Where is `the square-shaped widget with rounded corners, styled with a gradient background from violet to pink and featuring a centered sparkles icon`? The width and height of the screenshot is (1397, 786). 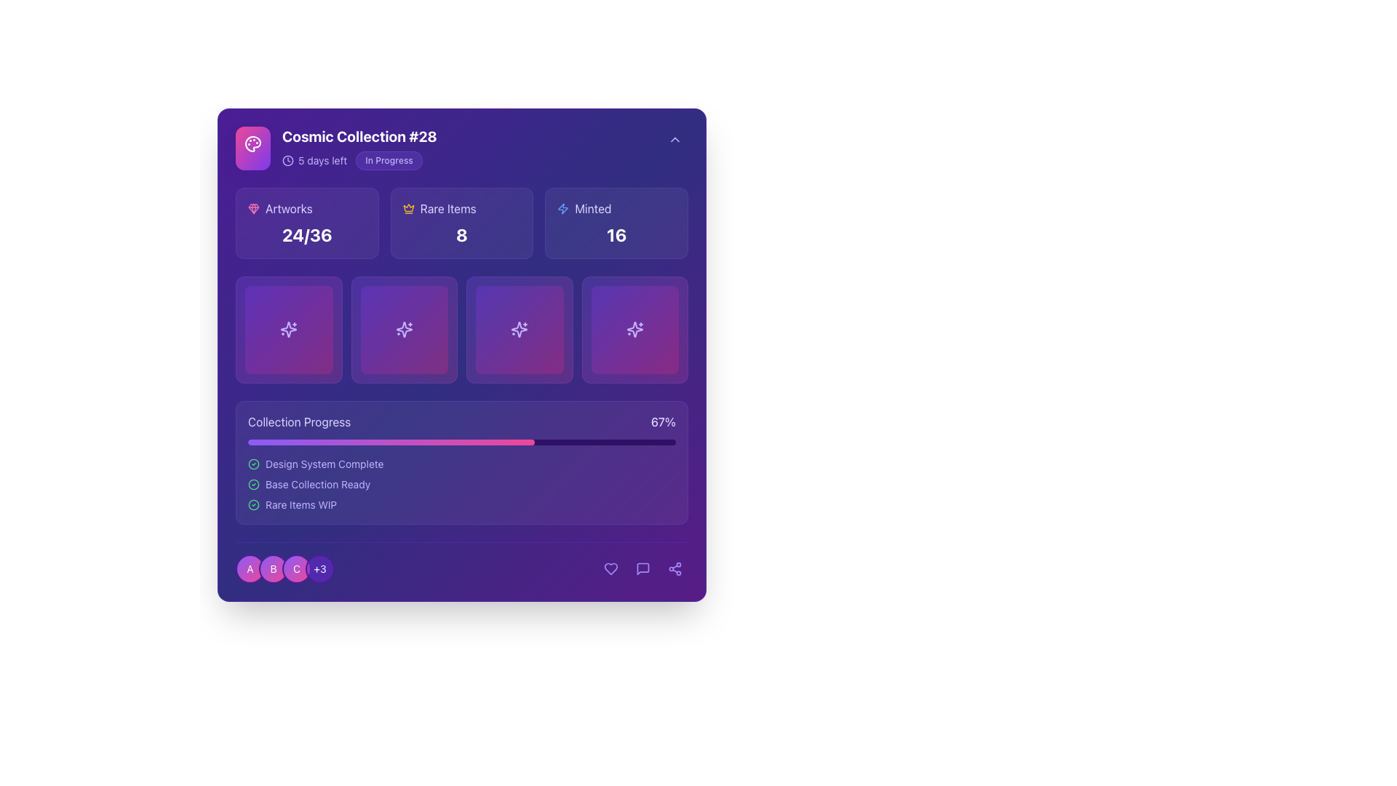 the square-shaped widget with rounded corners, styled with a gradient background from violet to pink and featuring a centered sparkles icon is located at coordinates (404, 330).